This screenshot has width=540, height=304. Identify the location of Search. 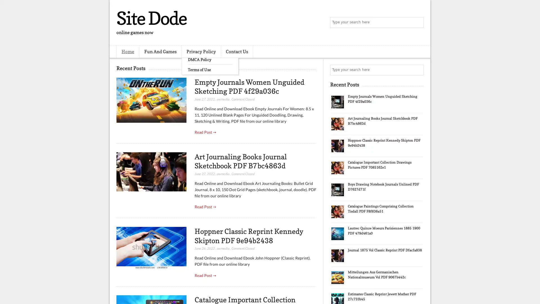
(418, 70).